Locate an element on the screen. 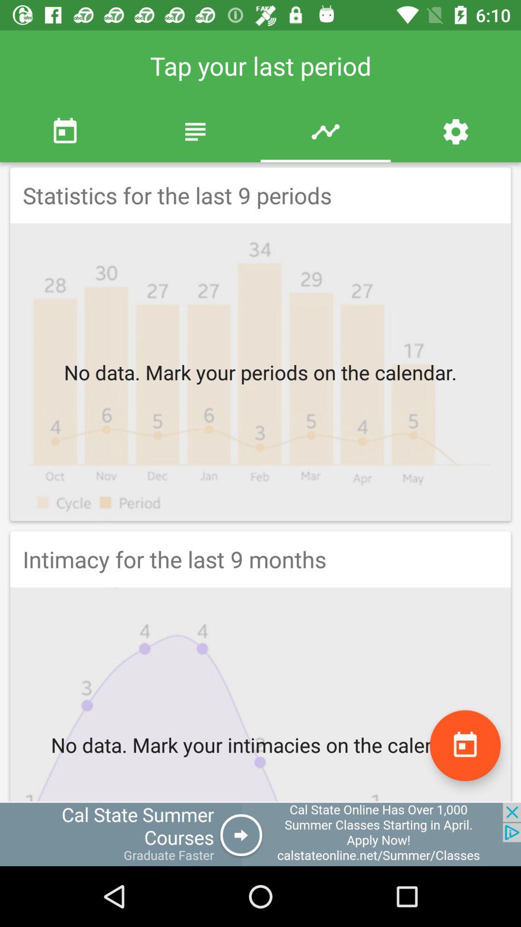 This screenshot has width=521, height=927. advertisement area is located at coordinates (260, 834).